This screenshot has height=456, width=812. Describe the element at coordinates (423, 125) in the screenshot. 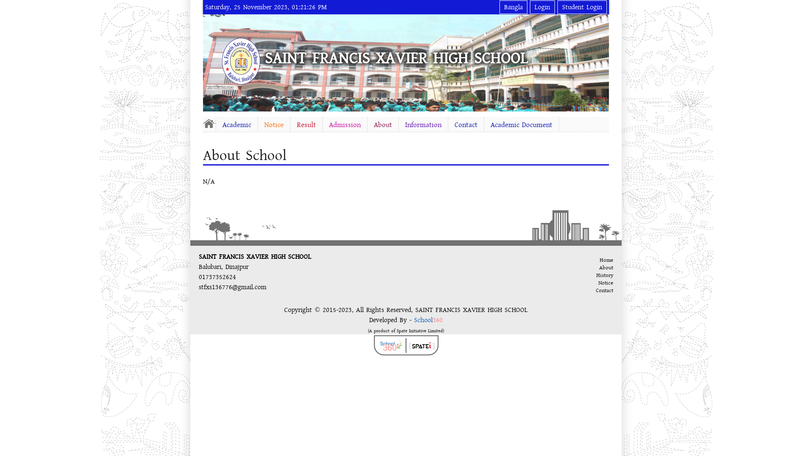

I see `'Information'` at that location.